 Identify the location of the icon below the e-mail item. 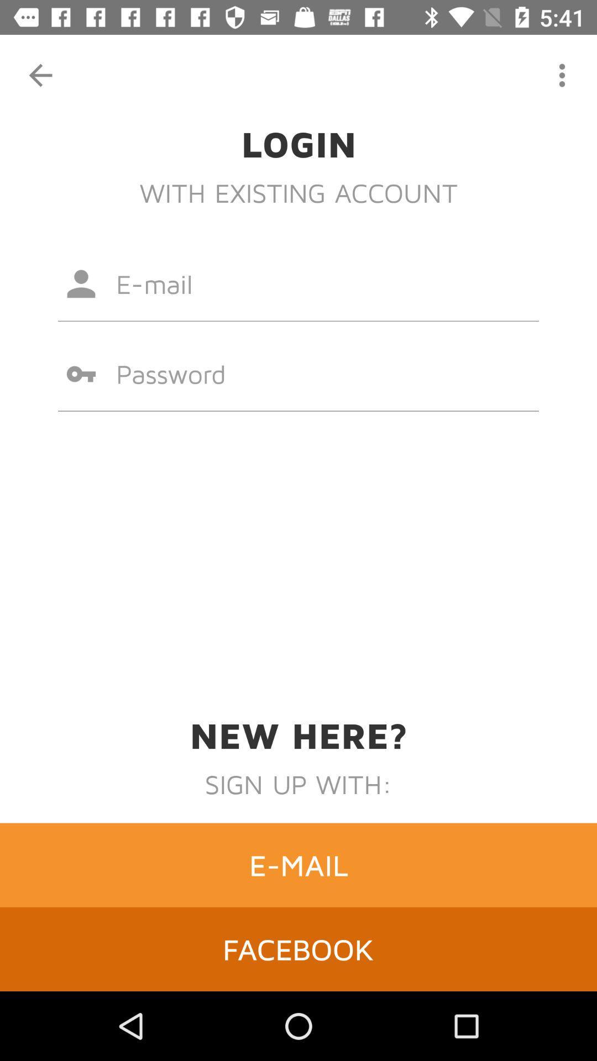
(298, 948).